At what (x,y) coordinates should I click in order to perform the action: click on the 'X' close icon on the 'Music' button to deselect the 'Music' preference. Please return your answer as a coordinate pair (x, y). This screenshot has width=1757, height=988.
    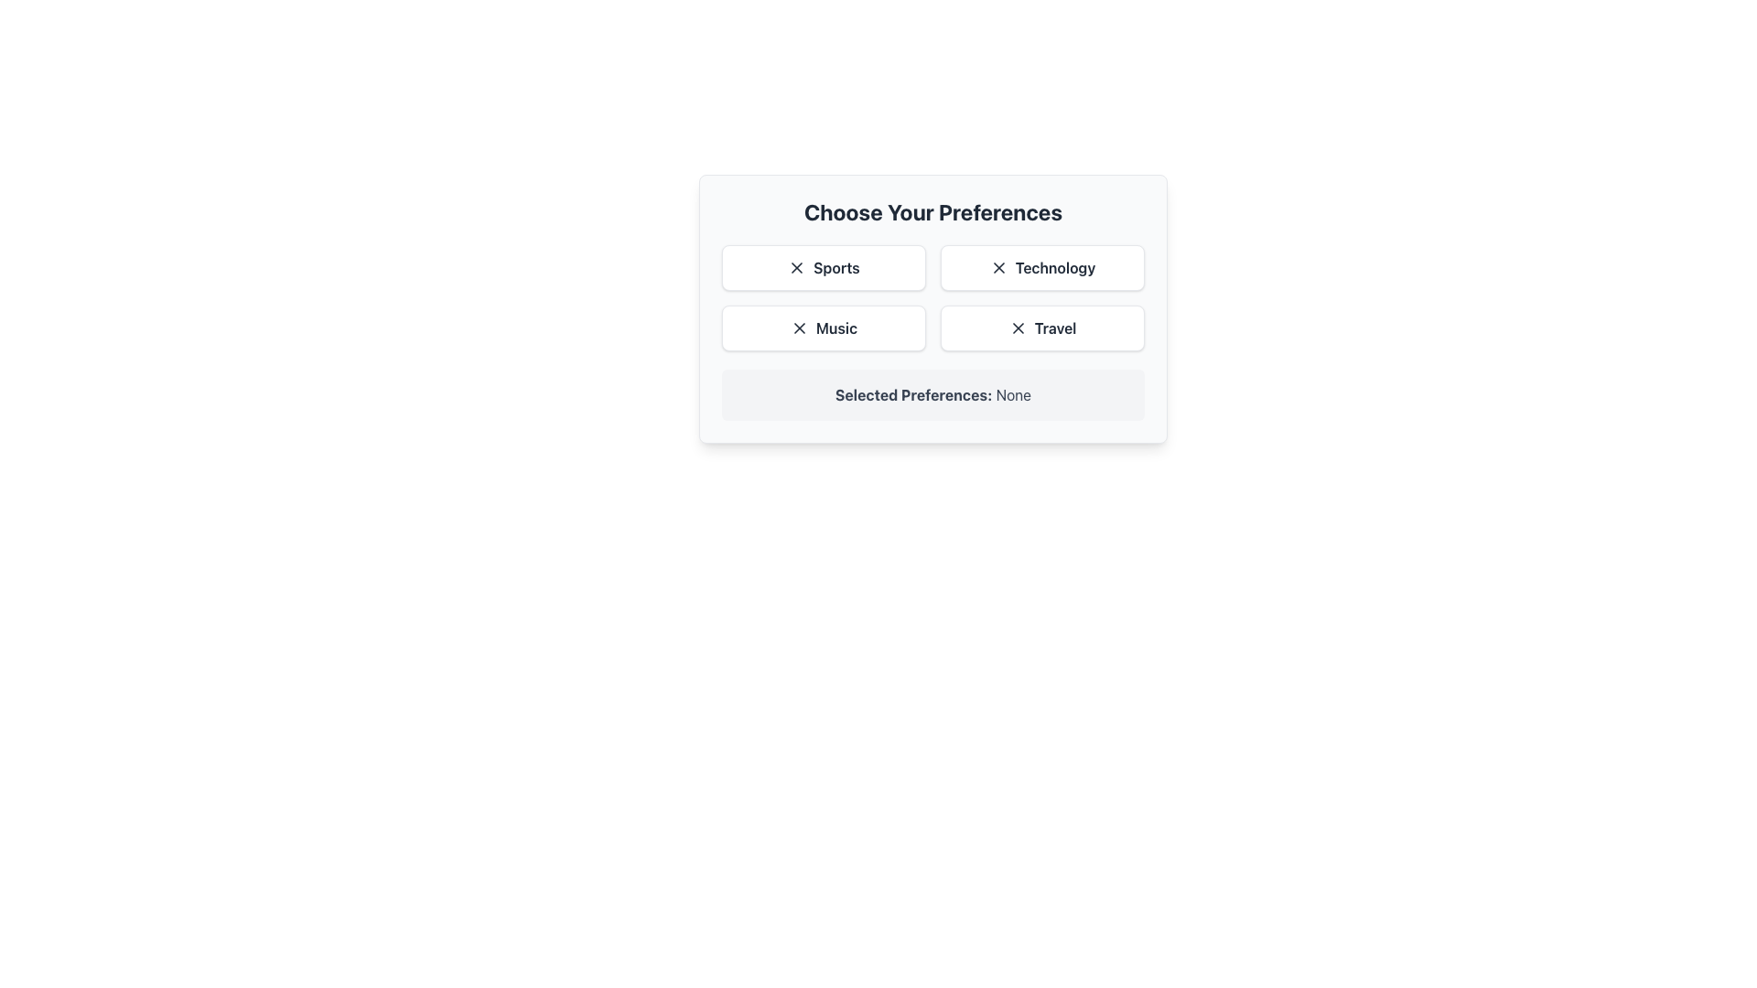
    Looking at the image, I should click on (799, 327).